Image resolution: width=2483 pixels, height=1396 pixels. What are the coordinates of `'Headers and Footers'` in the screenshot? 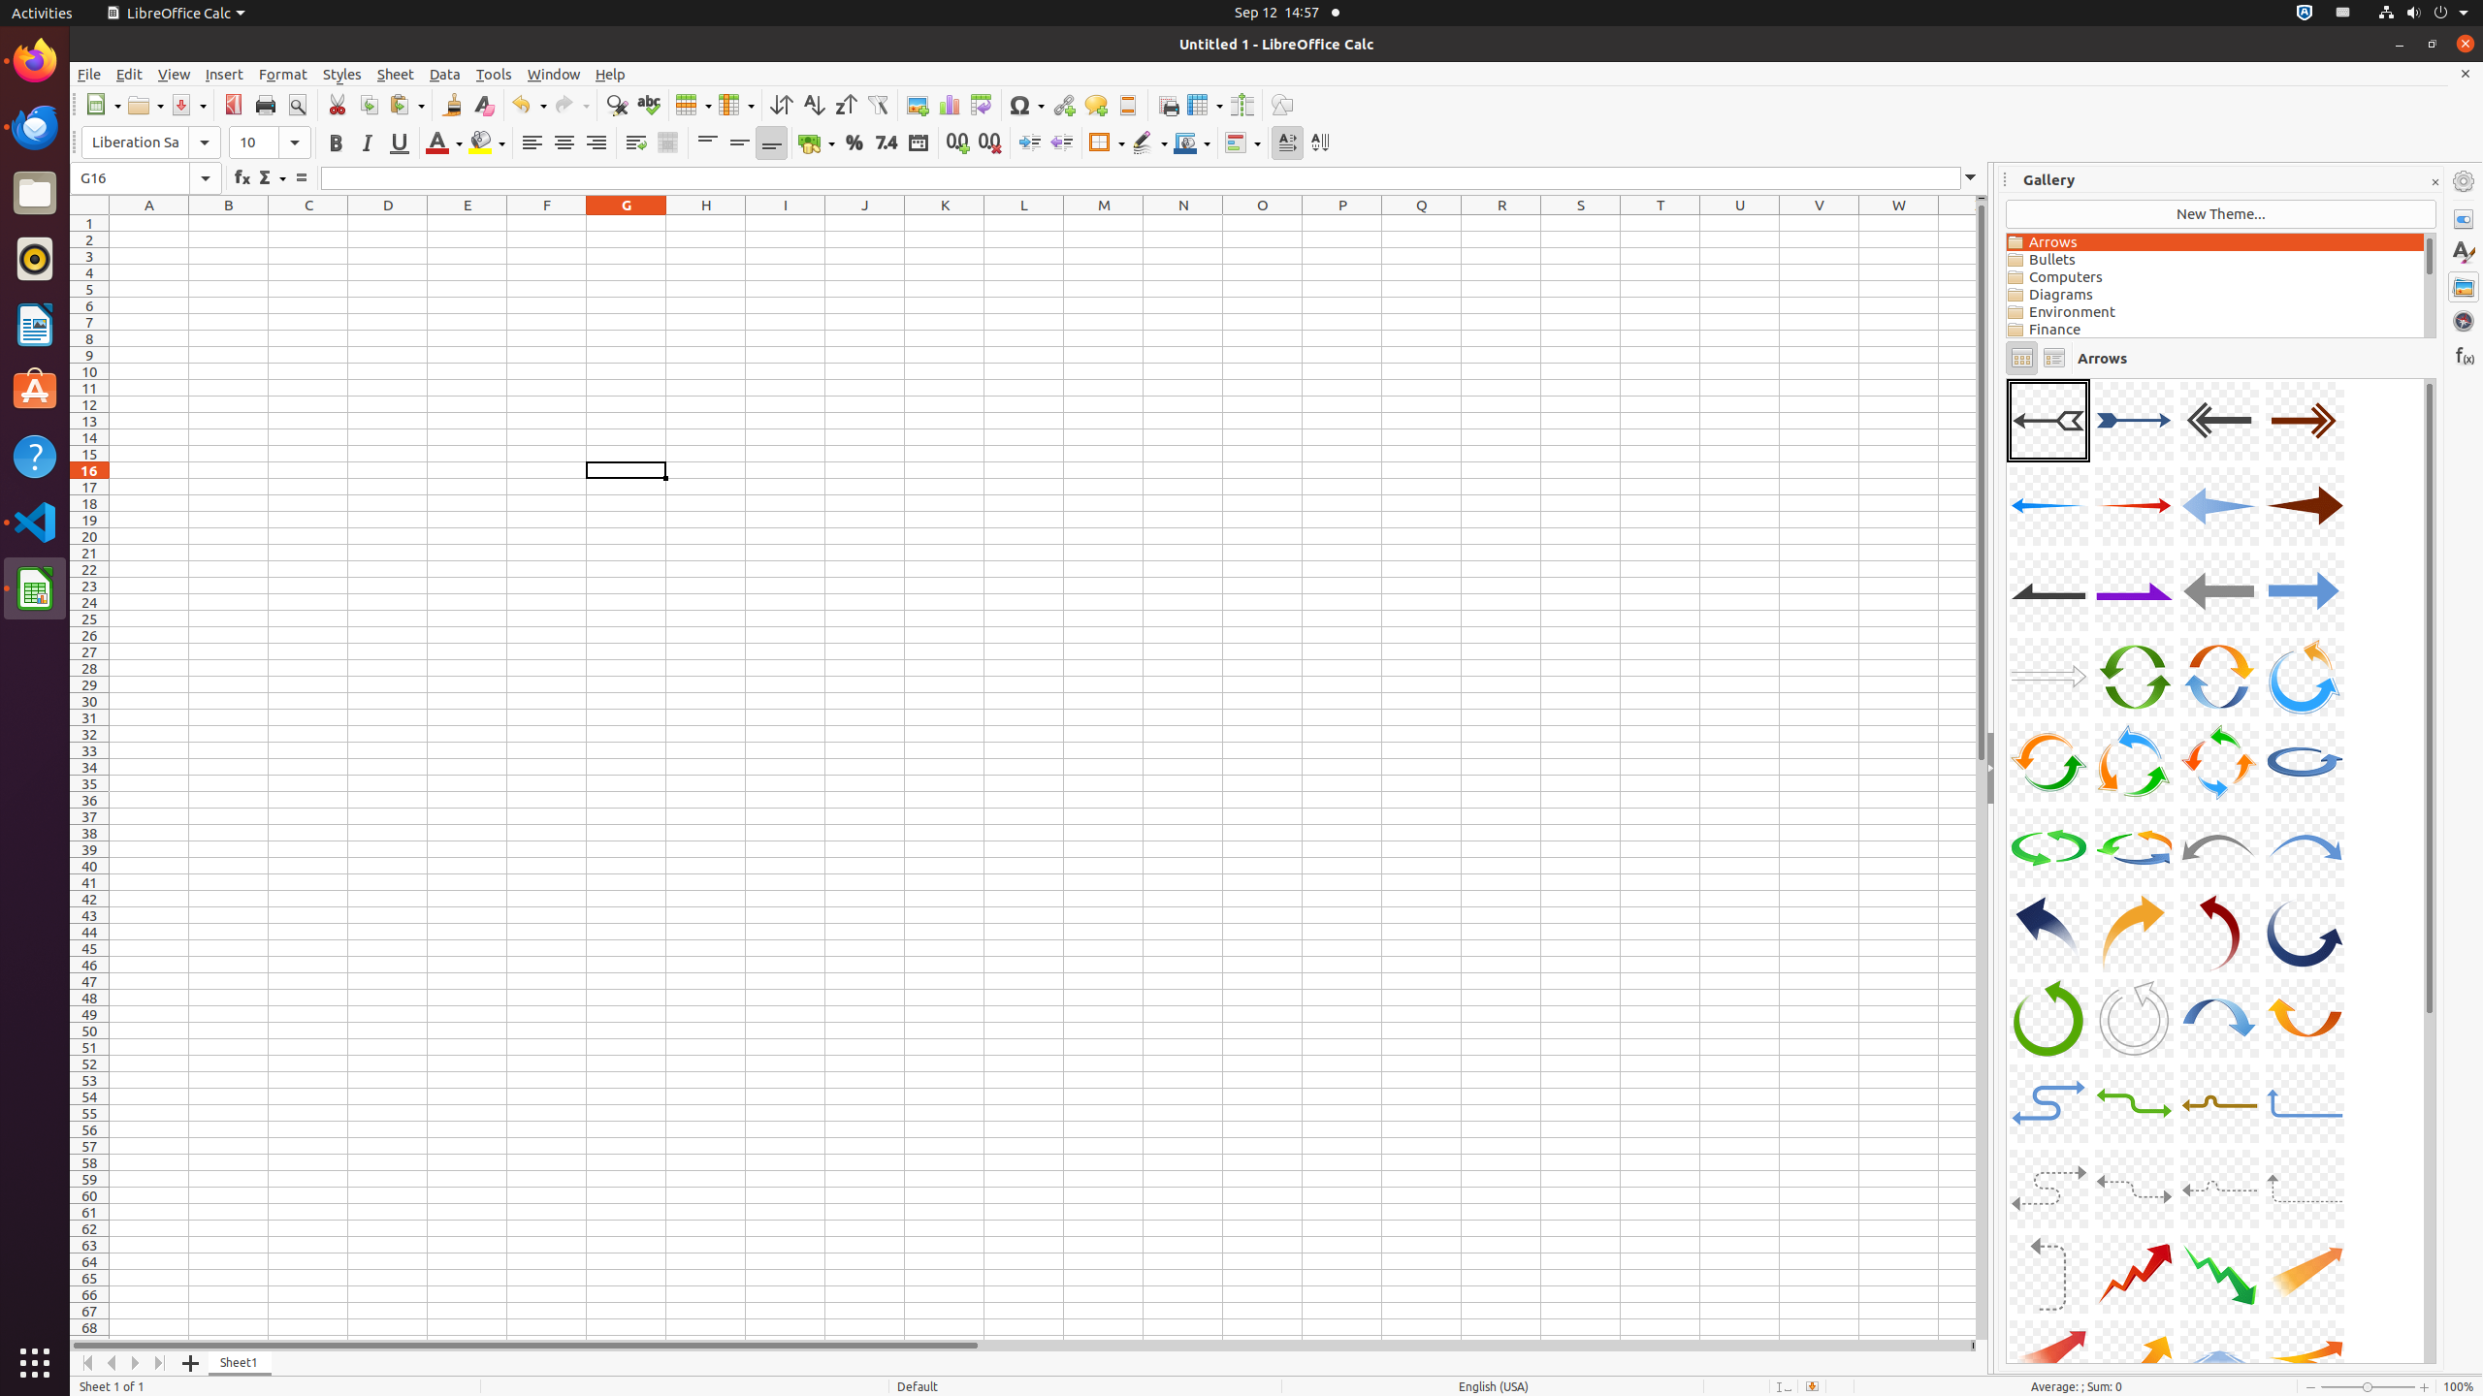 It's located at (1126, 104).